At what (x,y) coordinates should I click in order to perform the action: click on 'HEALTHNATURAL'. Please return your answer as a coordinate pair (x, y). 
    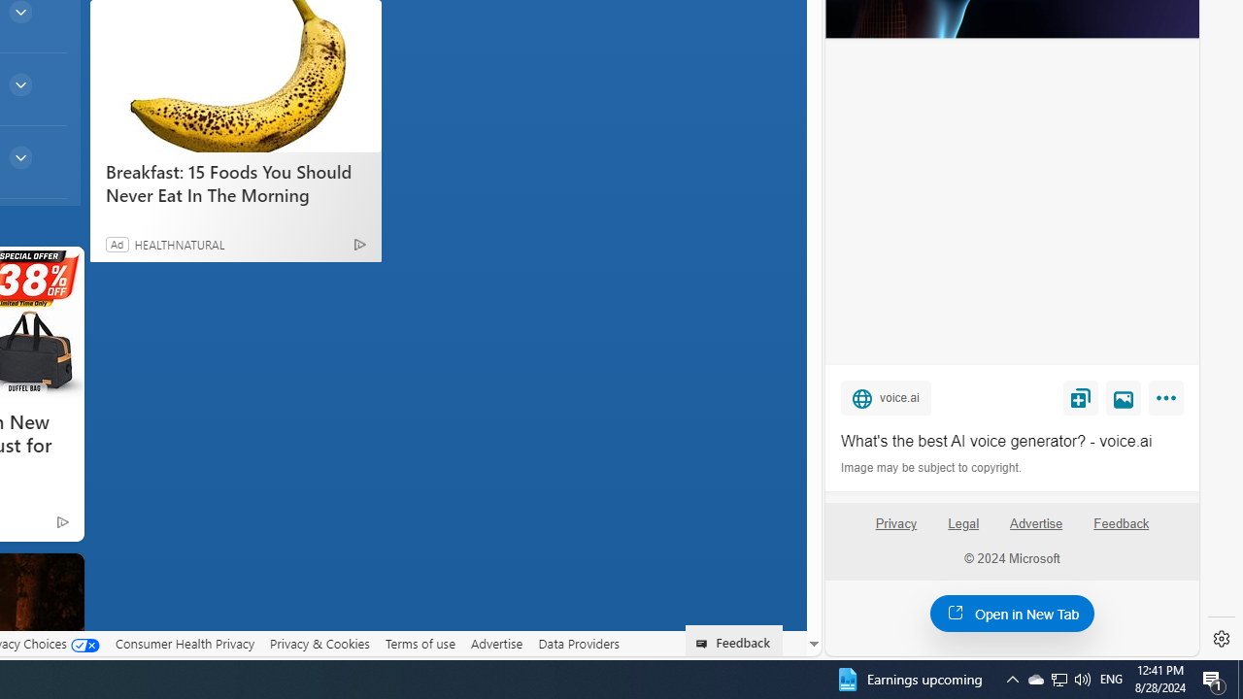
    Looking at the image, I should click on (179, 243).